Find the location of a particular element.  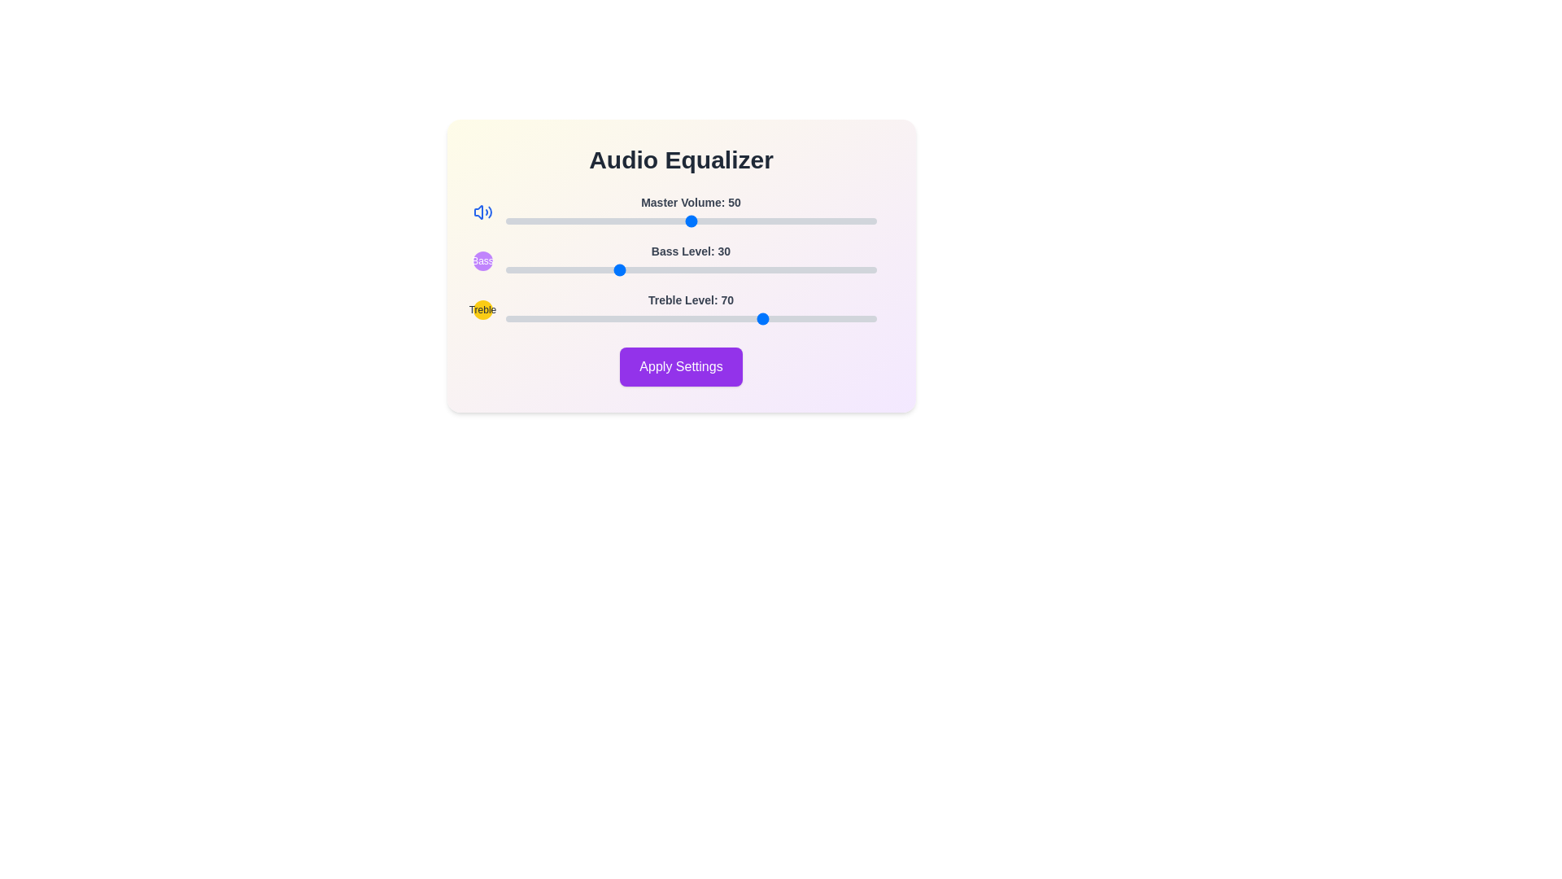

the master volume is located at coordinates (630, 221).